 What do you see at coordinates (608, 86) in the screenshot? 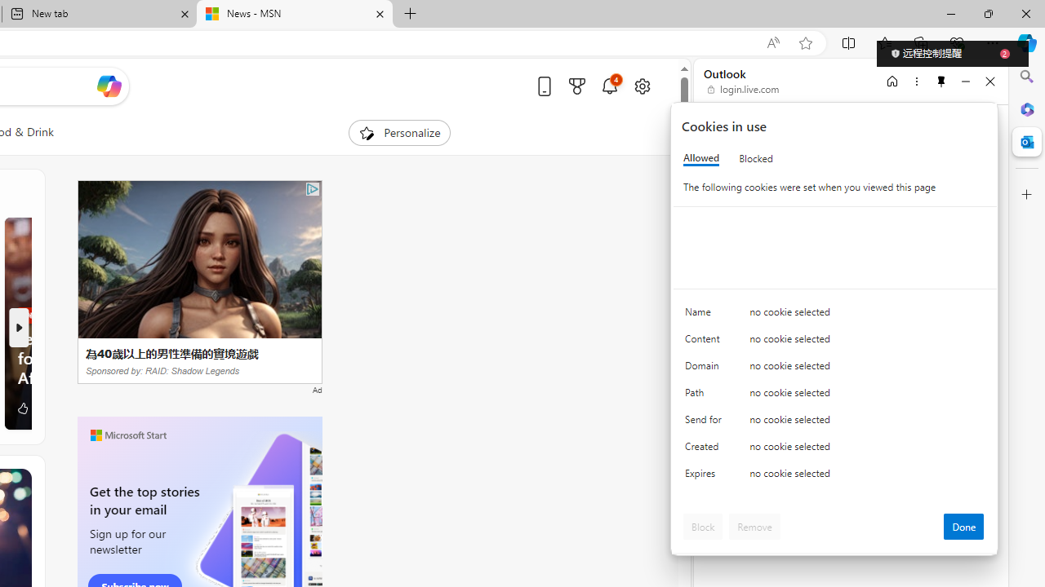
I see `'Notifications'` at bounding box center [608, 86].